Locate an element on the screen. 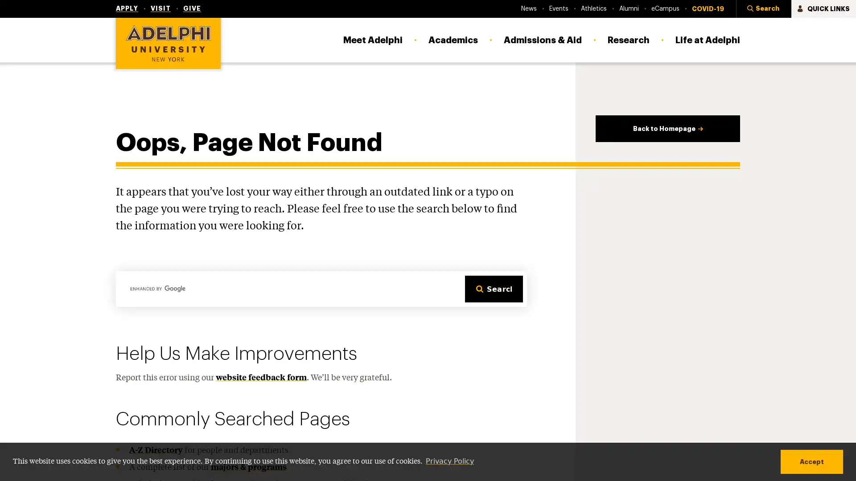  Alumni & Friends is located at coordinates (597, 130).